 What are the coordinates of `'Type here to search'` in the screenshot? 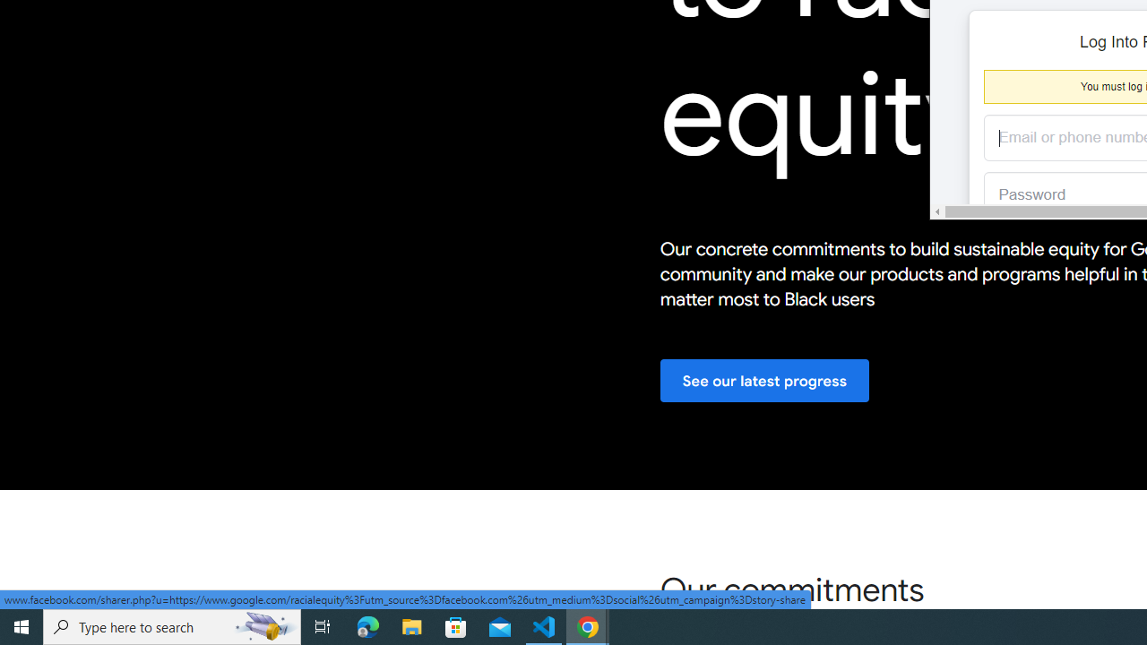 It's located at (172, 625).